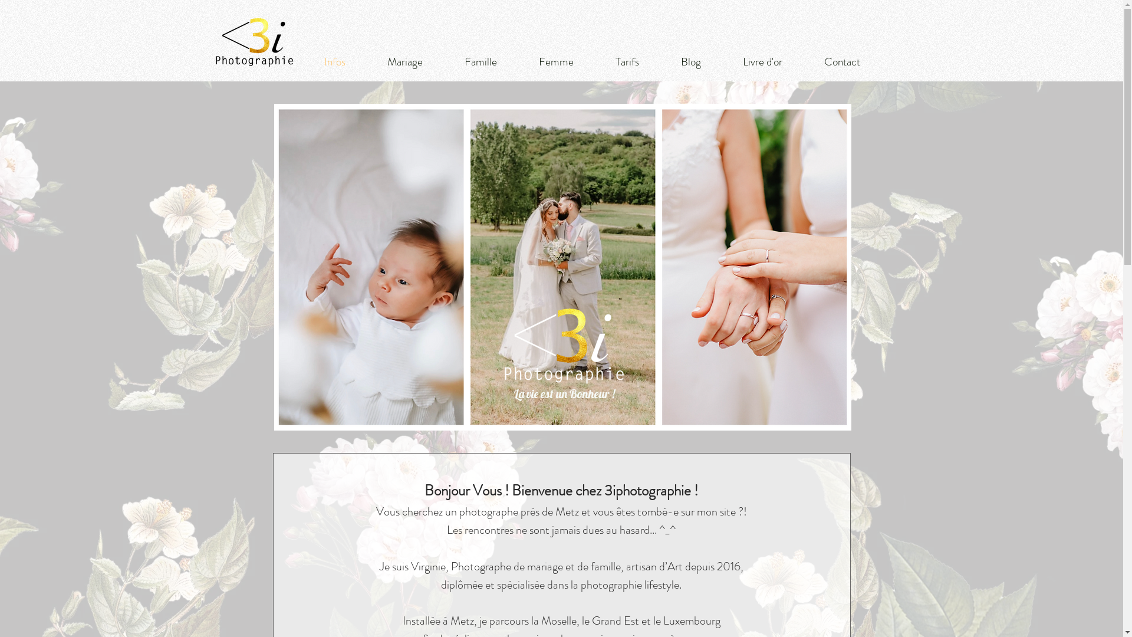 The image size is (1132, 637). Describe the element at coordinates (626, 61) in the screenshot. I see `'Tarifs'` at that location.